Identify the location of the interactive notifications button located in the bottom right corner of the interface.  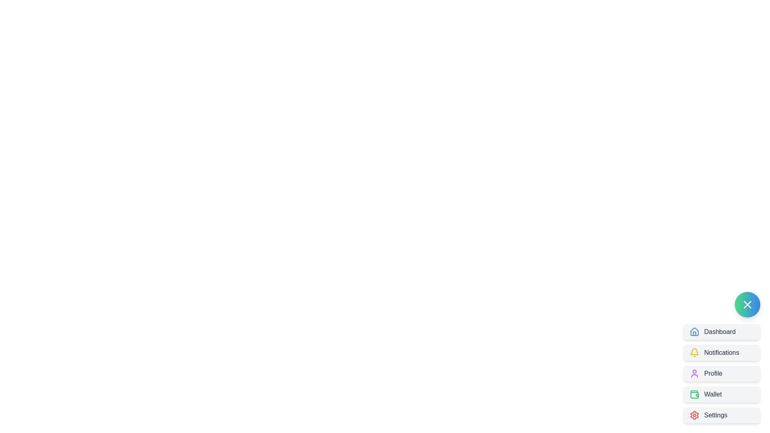
(722, 357).